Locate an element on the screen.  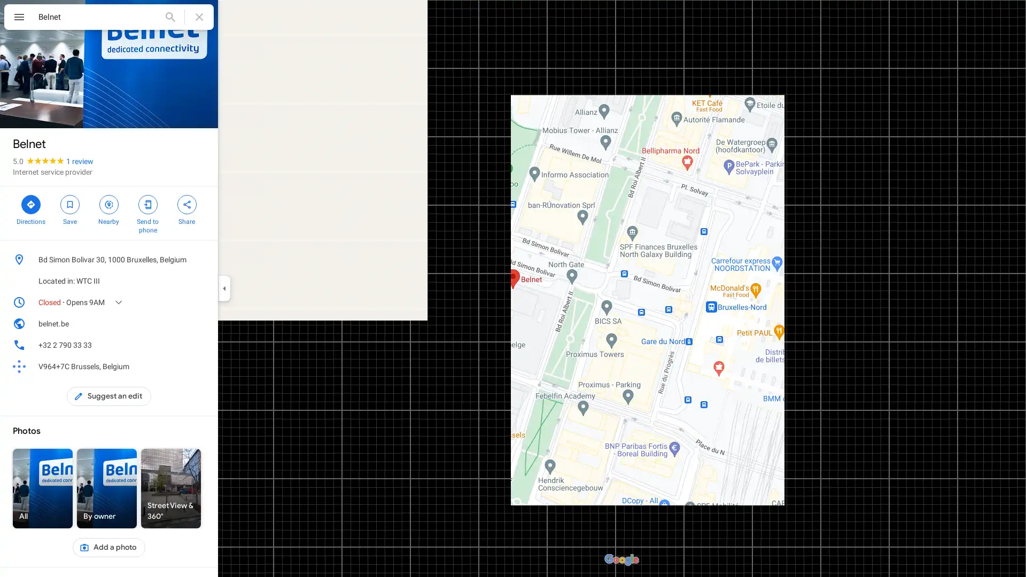
Clear search is located at coordinates (199, 17).